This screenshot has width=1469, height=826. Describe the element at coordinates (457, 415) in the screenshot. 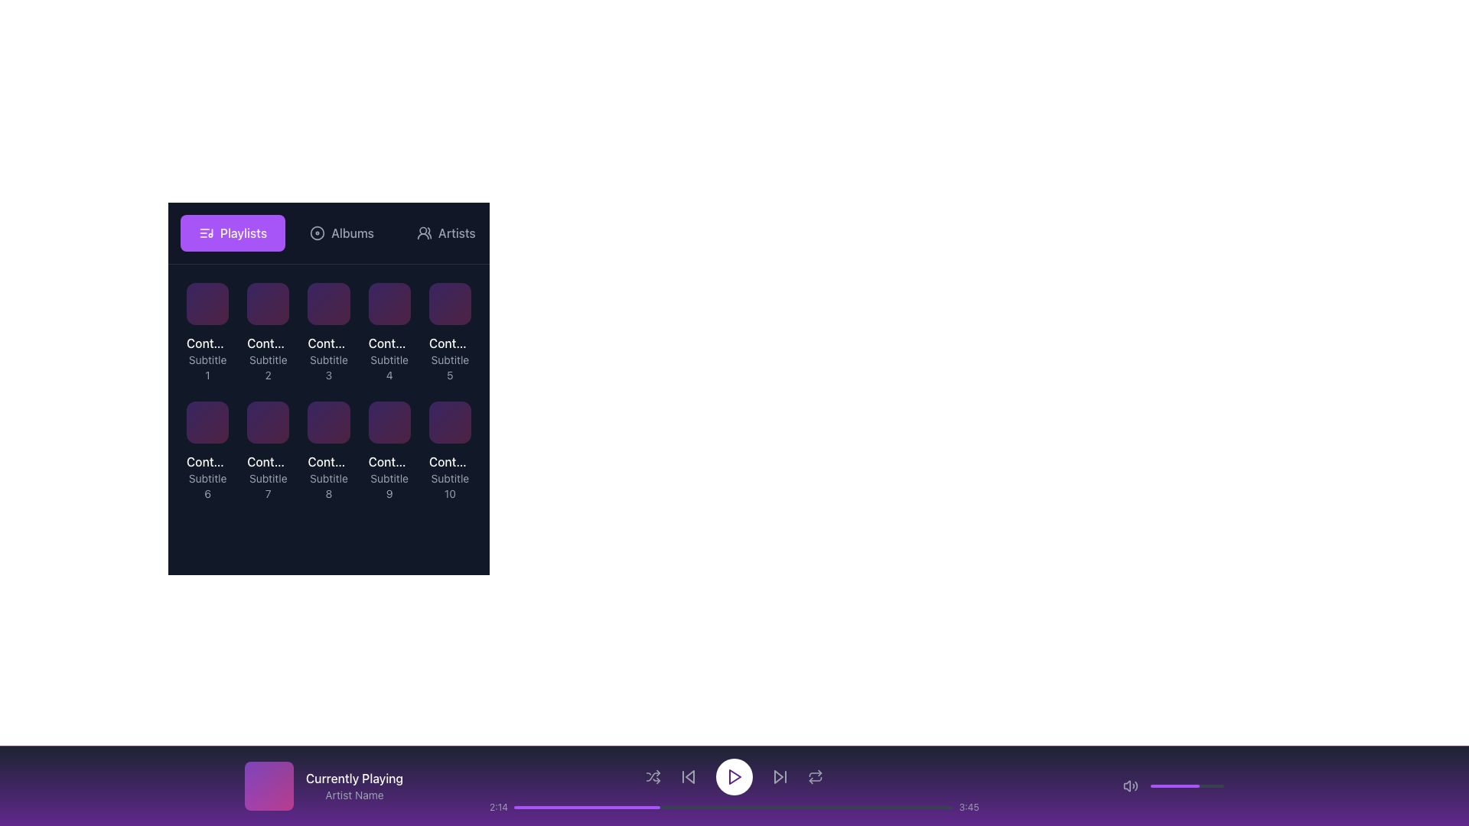

I see `the like button represented by a heart symbol located at the top-right corner of the card for Content Title 10, which is the last item in the last row of the grid` at that location.